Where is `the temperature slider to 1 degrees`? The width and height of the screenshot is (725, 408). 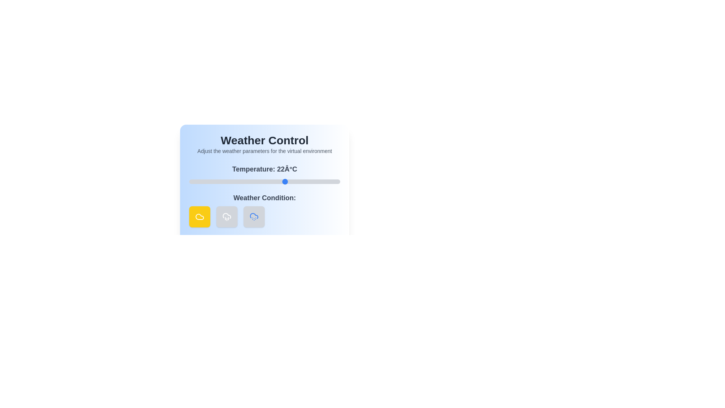
the temperature slider to 1 degrees is located at coordinates (222, 182).